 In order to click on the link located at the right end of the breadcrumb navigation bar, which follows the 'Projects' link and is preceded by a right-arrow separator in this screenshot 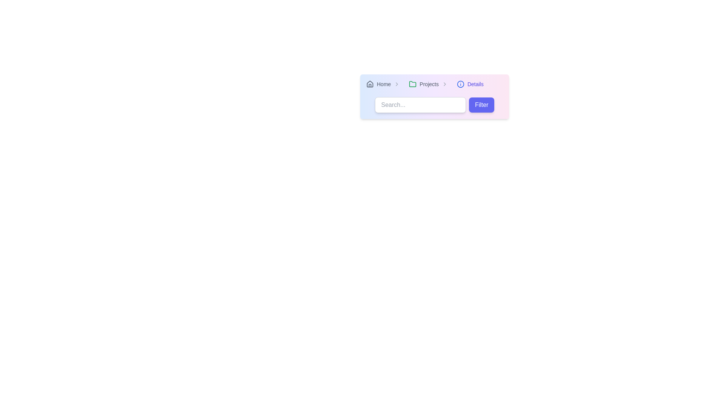, I will do `click(470, 84)`.